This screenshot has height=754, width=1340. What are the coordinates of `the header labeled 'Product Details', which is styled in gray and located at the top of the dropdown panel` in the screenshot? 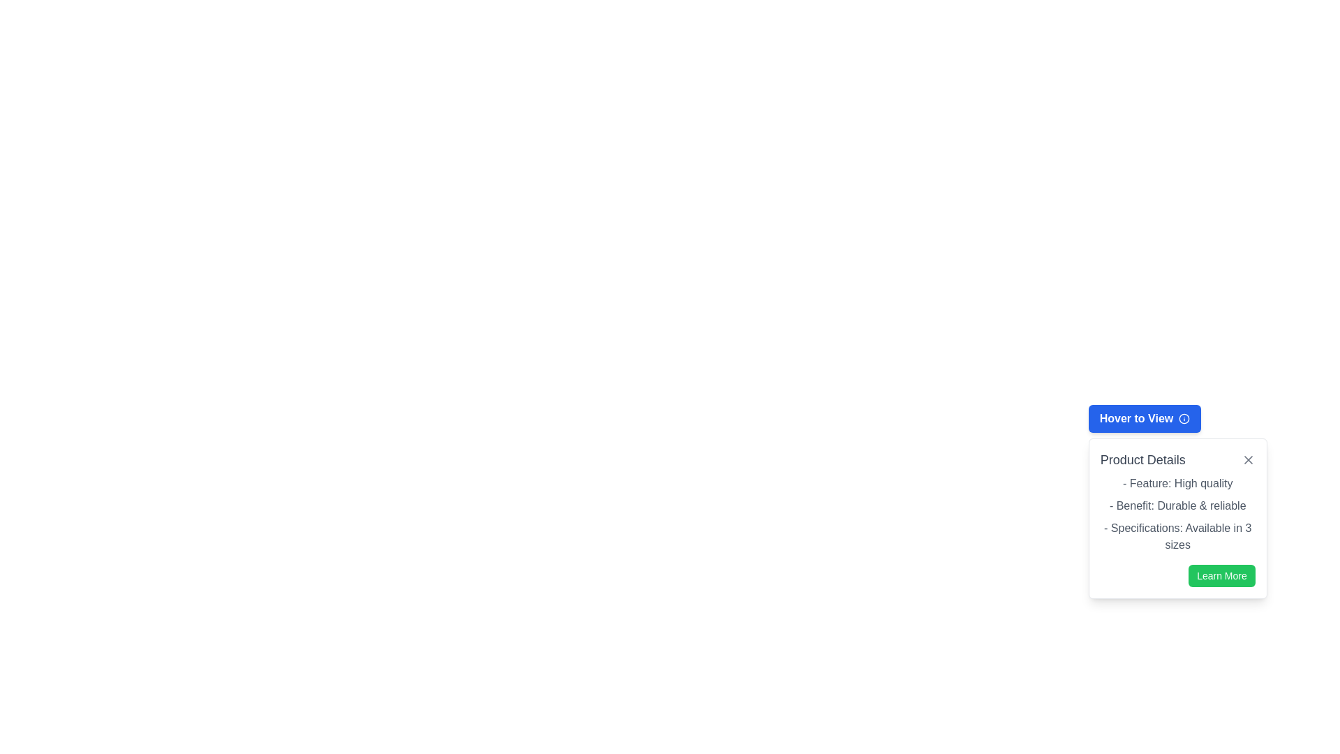 It's located at (1177, 460).